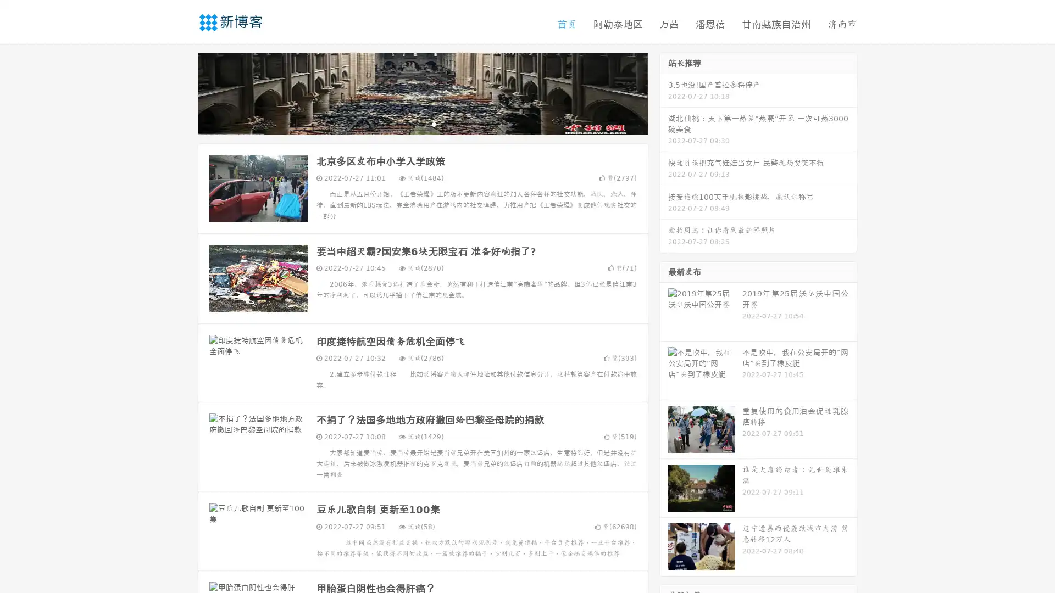  Describe the element at coordinates (181, 92) in the screenshot. I see `Previous slide` at that location.